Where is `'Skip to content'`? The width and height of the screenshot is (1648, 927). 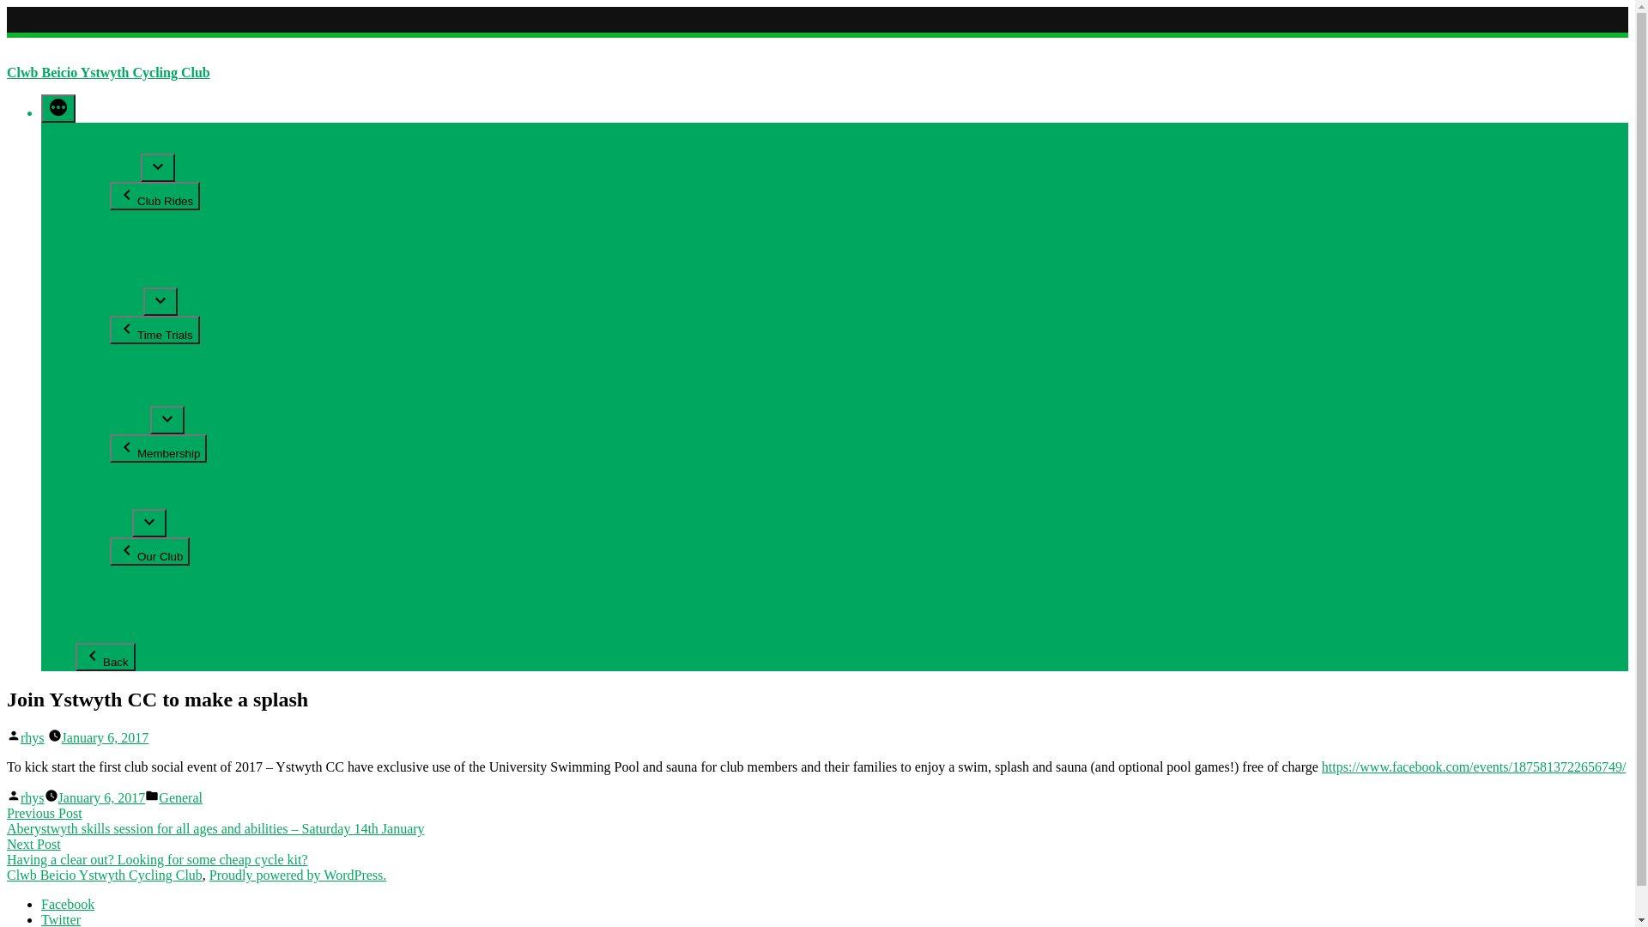
'Skip to content' is located at coordinates (6, 6).